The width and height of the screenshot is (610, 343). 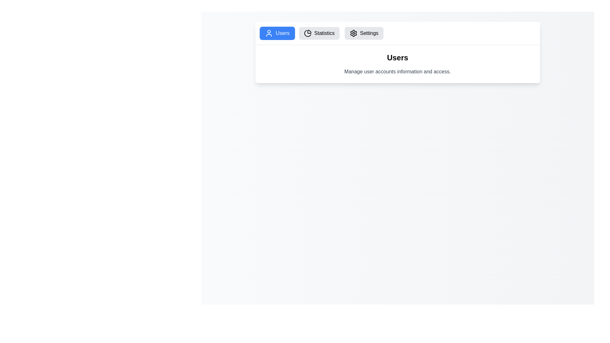 What do you see at coordinates (319, 33) in the screenshot?
I see `the navigation button located in the middle of the horizontal navigation bar, positioned between the 'Users' and 'Settings' buttons, by` at bounding box center [319, 33].